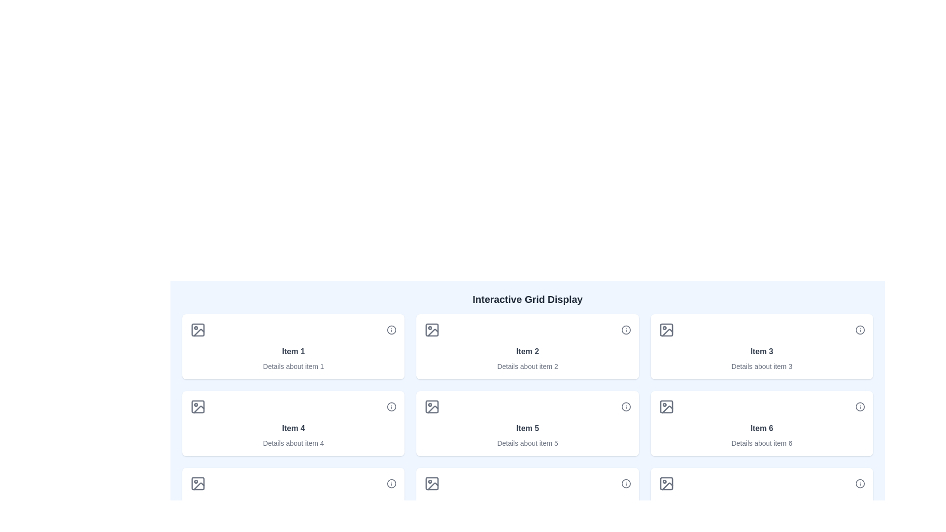 The height and width of the screenshot is (532, 946). I want to click on the Icon located in the top-left corner of the fifth item in a 3x2 interactive grid layout, which serves as a visual representation for an image-related function, so click(432, 406).